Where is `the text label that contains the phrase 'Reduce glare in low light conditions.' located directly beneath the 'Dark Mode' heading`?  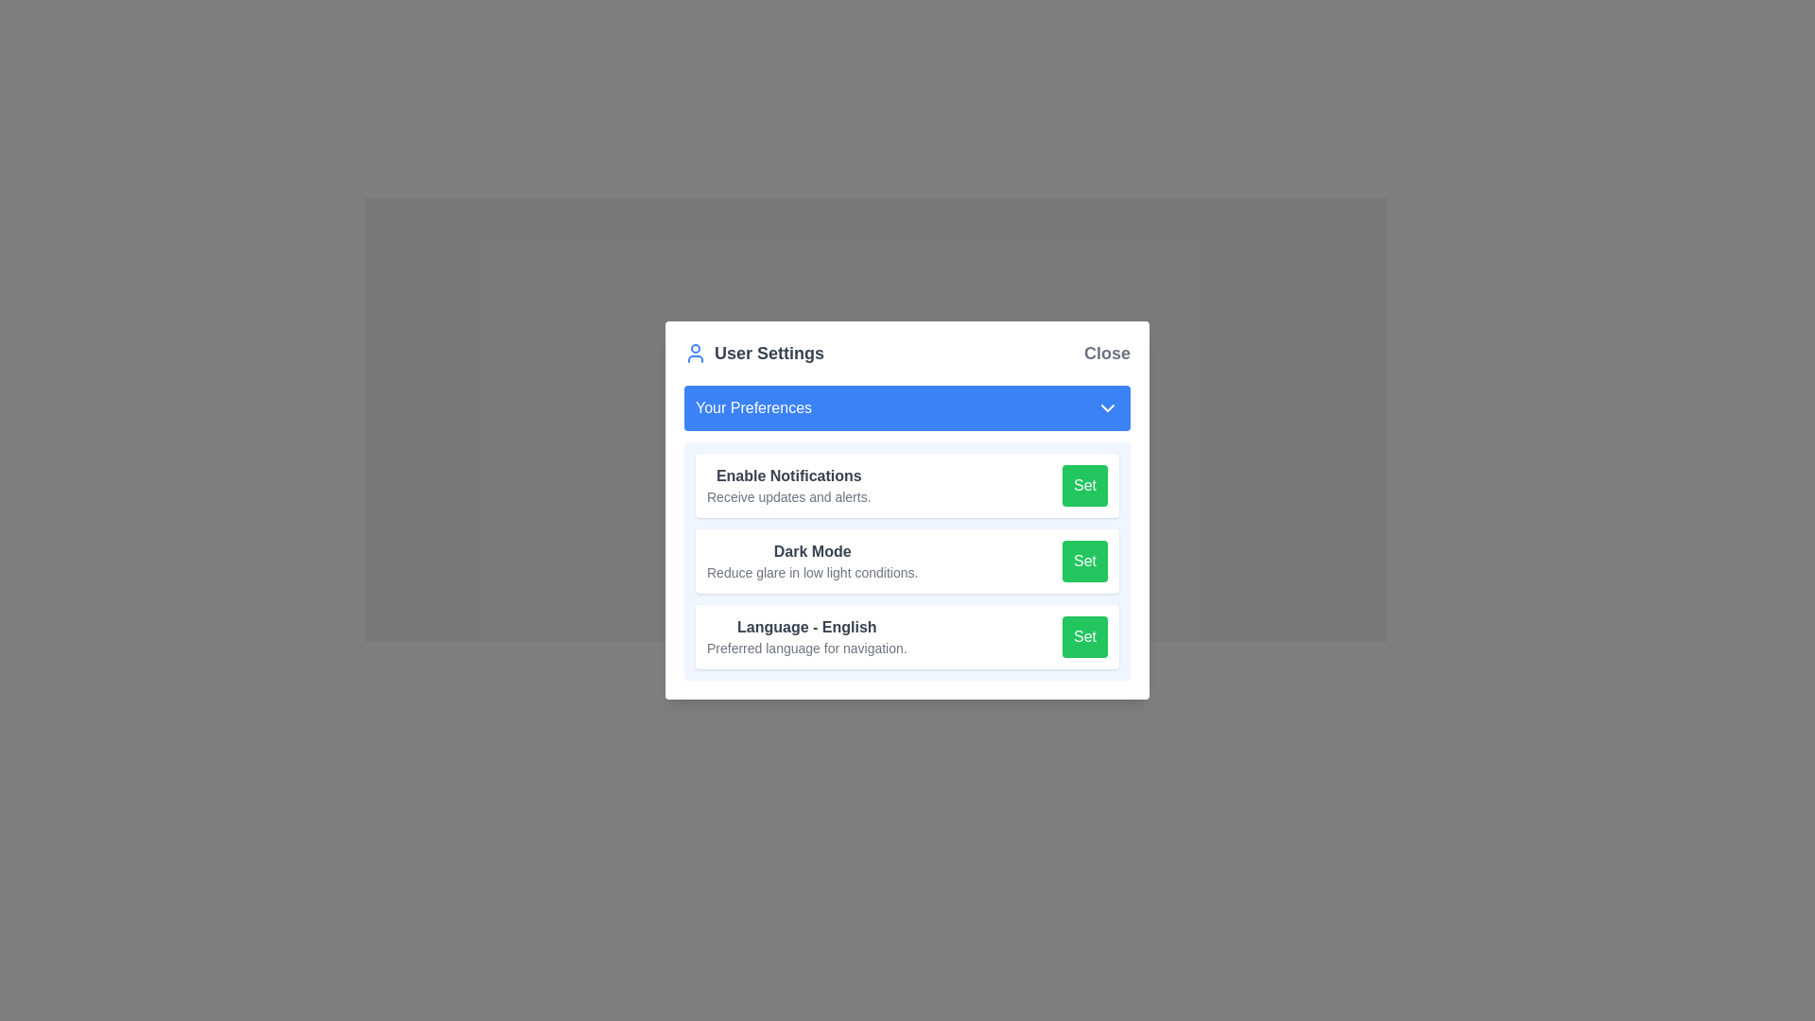 the text label that contains the phrase 'Reduce glare in low light conditions.' located directly beneath the 'Dark Mode' heading is located at coordinates (812, 571).